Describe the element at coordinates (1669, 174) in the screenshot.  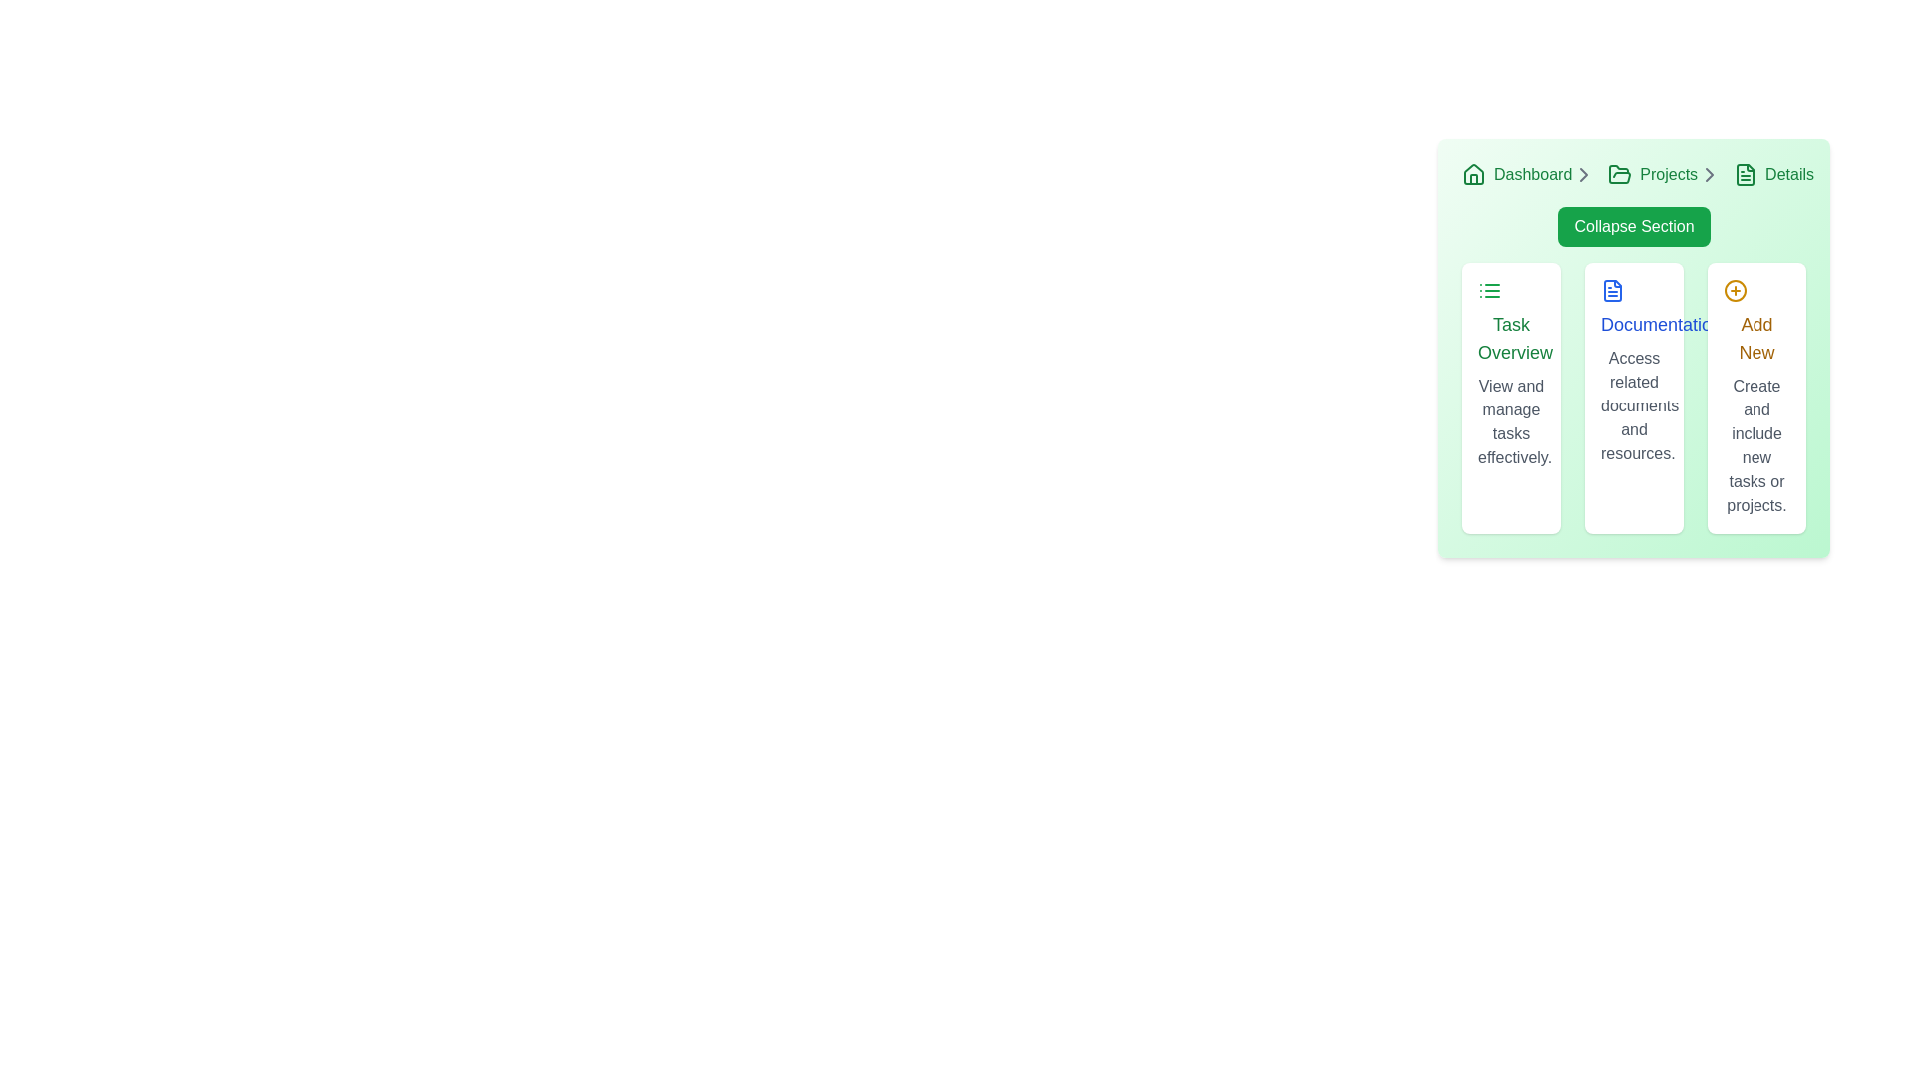
I see `the 'Projects' text label in the breadcrumb navigation bar` at that location.